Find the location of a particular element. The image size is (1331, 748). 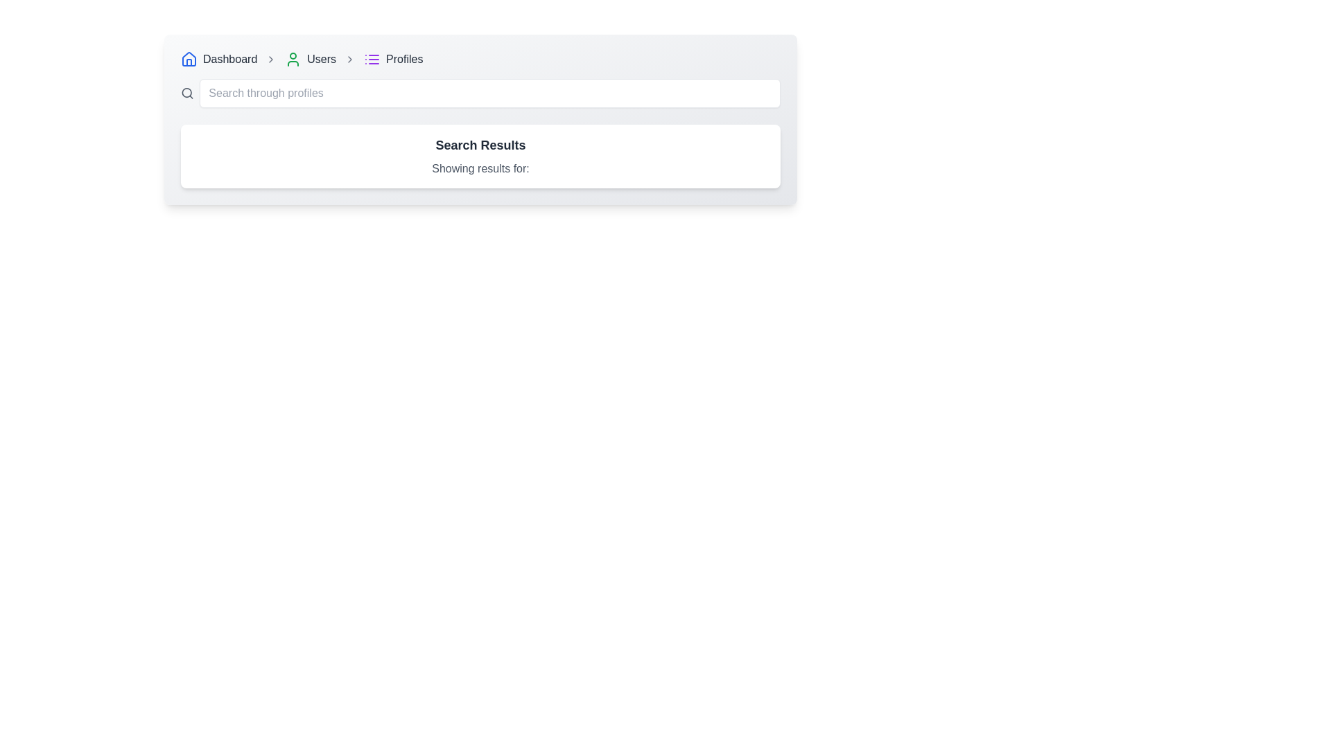

the blue house-shaped icon located at the start of the breadcrumb navigation bar, to the left of the text 'Dashboard' is located at coordinates (189, 58).